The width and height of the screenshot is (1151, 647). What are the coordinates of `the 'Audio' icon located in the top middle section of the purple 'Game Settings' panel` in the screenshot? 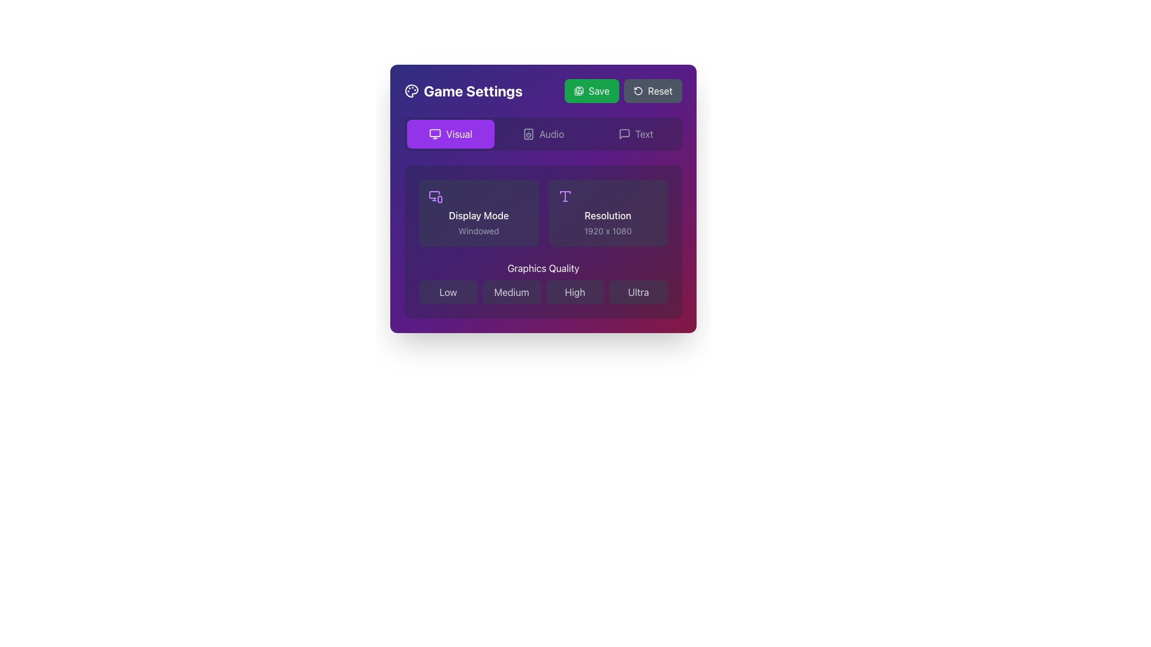 It's located at (528, 134).